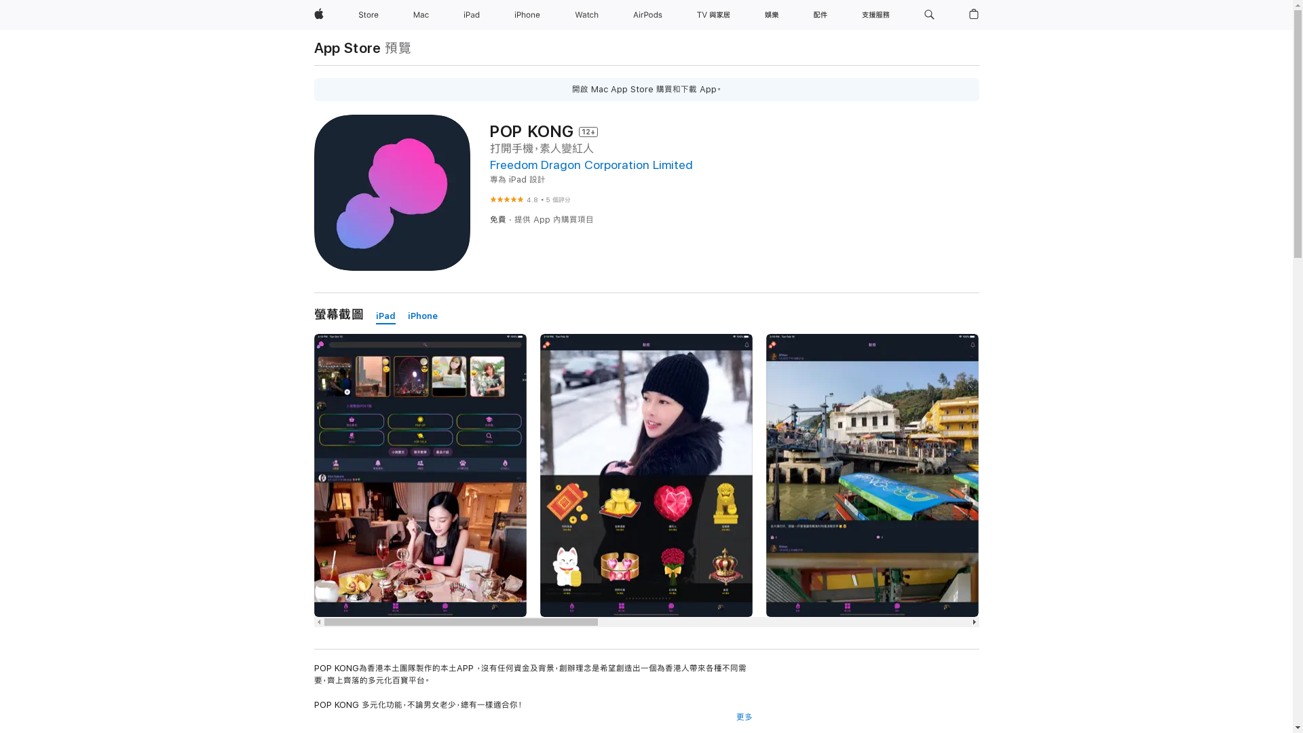  What do you see at coordinates (420, 15) in the screenshot?
I see `'Mac'` at bounding box center [420, 15].